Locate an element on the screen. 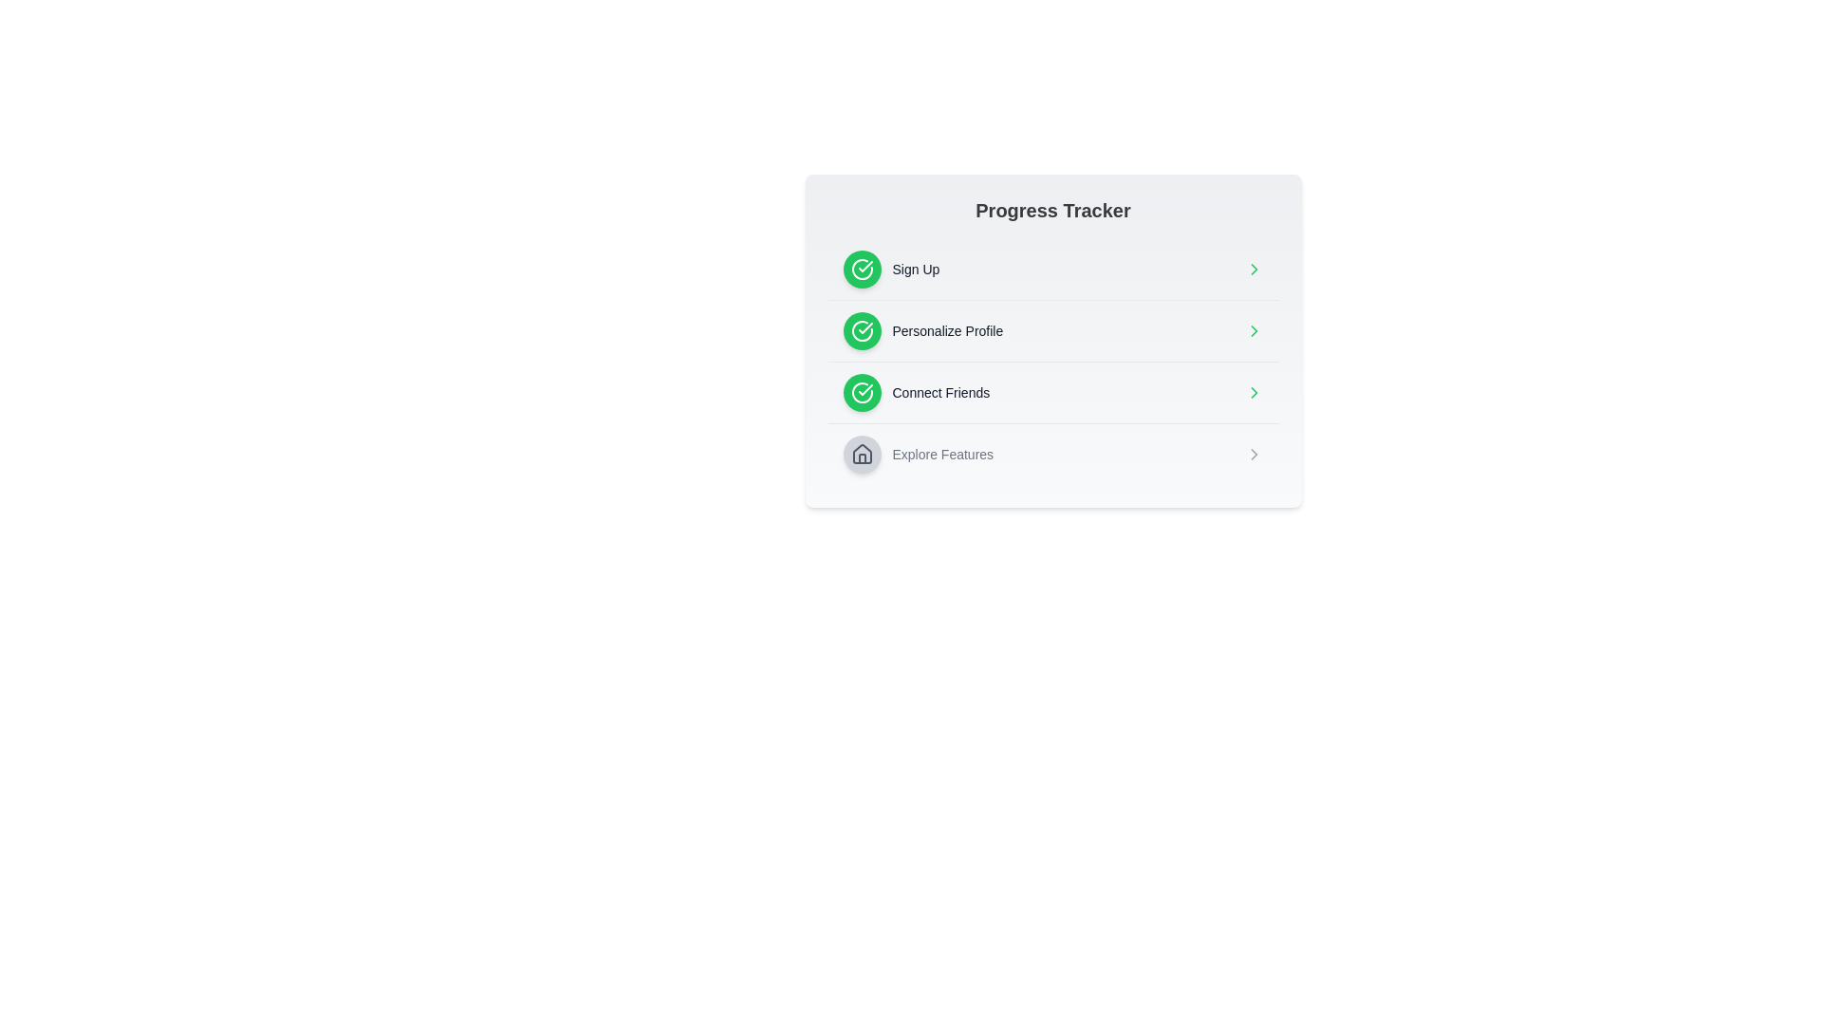 Image resolution: width=1822 pixels, height=1025 pixels. text label 'Sign Up' which is visually styled with medium font-weight and gray color, located to the right of a green circular checkmark icon in the 'Progress Tracker' section is located at coordinates (916, 270).